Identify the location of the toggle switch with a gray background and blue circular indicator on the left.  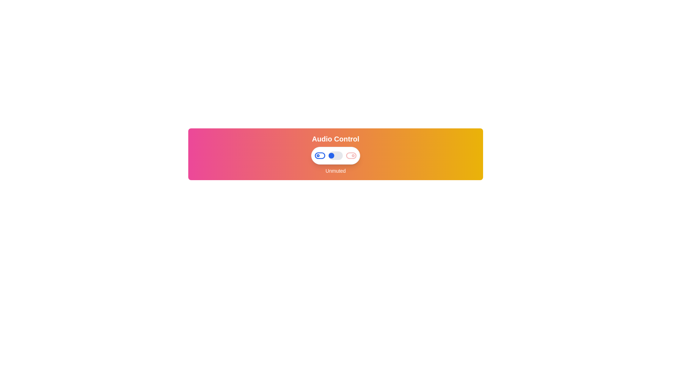
(335, 155).